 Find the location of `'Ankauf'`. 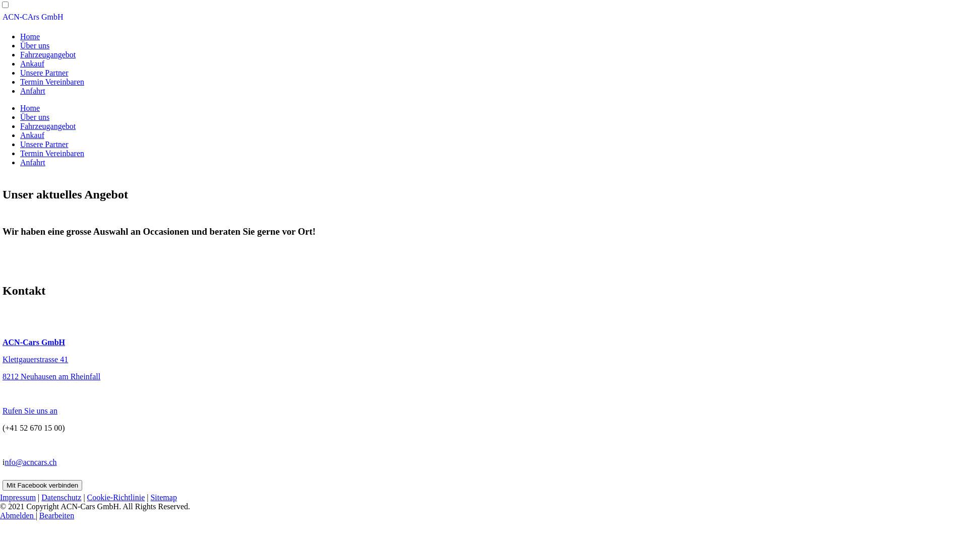

'Ankauf' is located at coordinates (32, 63).